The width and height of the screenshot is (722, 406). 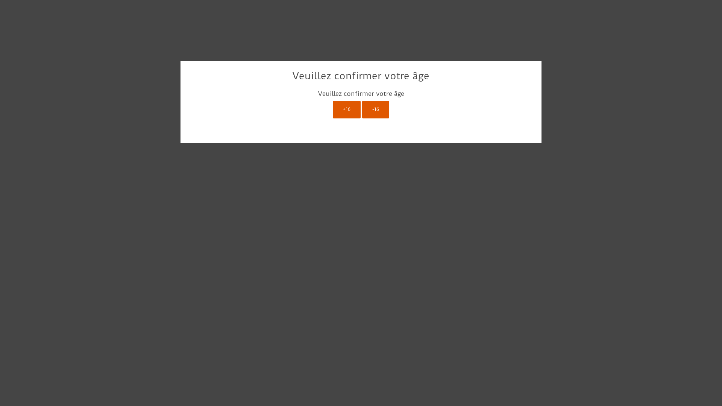 What do you see at coordinates (346, 109) in the screenshot?
I see `'+16'` at bounding box center [346, 109].